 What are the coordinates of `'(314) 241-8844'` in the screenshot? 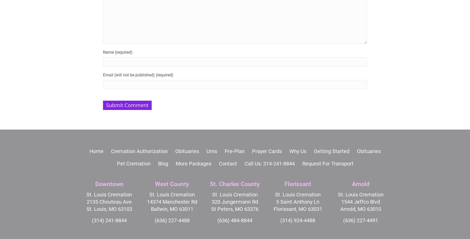 It's located at (109, 220).